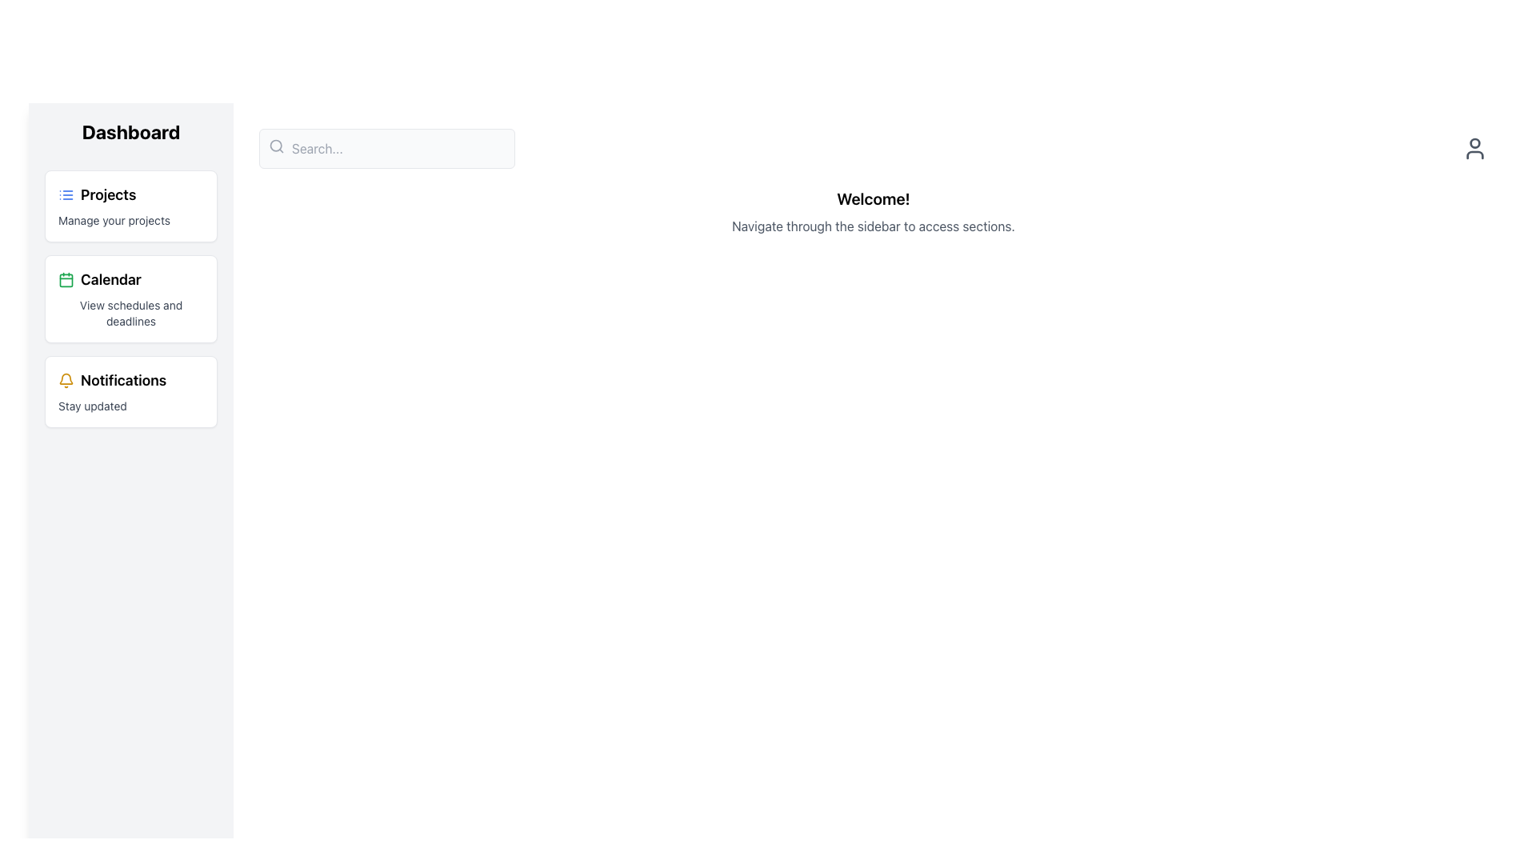 This screenshot has width=1536, height=864. What do you see at coordinates (91, 406) in the screenshot?
I see `descriptive subtitle text located in the 'Notifications' section of the sidebar, positioned directly below the bold 'Notifications' header` at bounding box center [91, 406].